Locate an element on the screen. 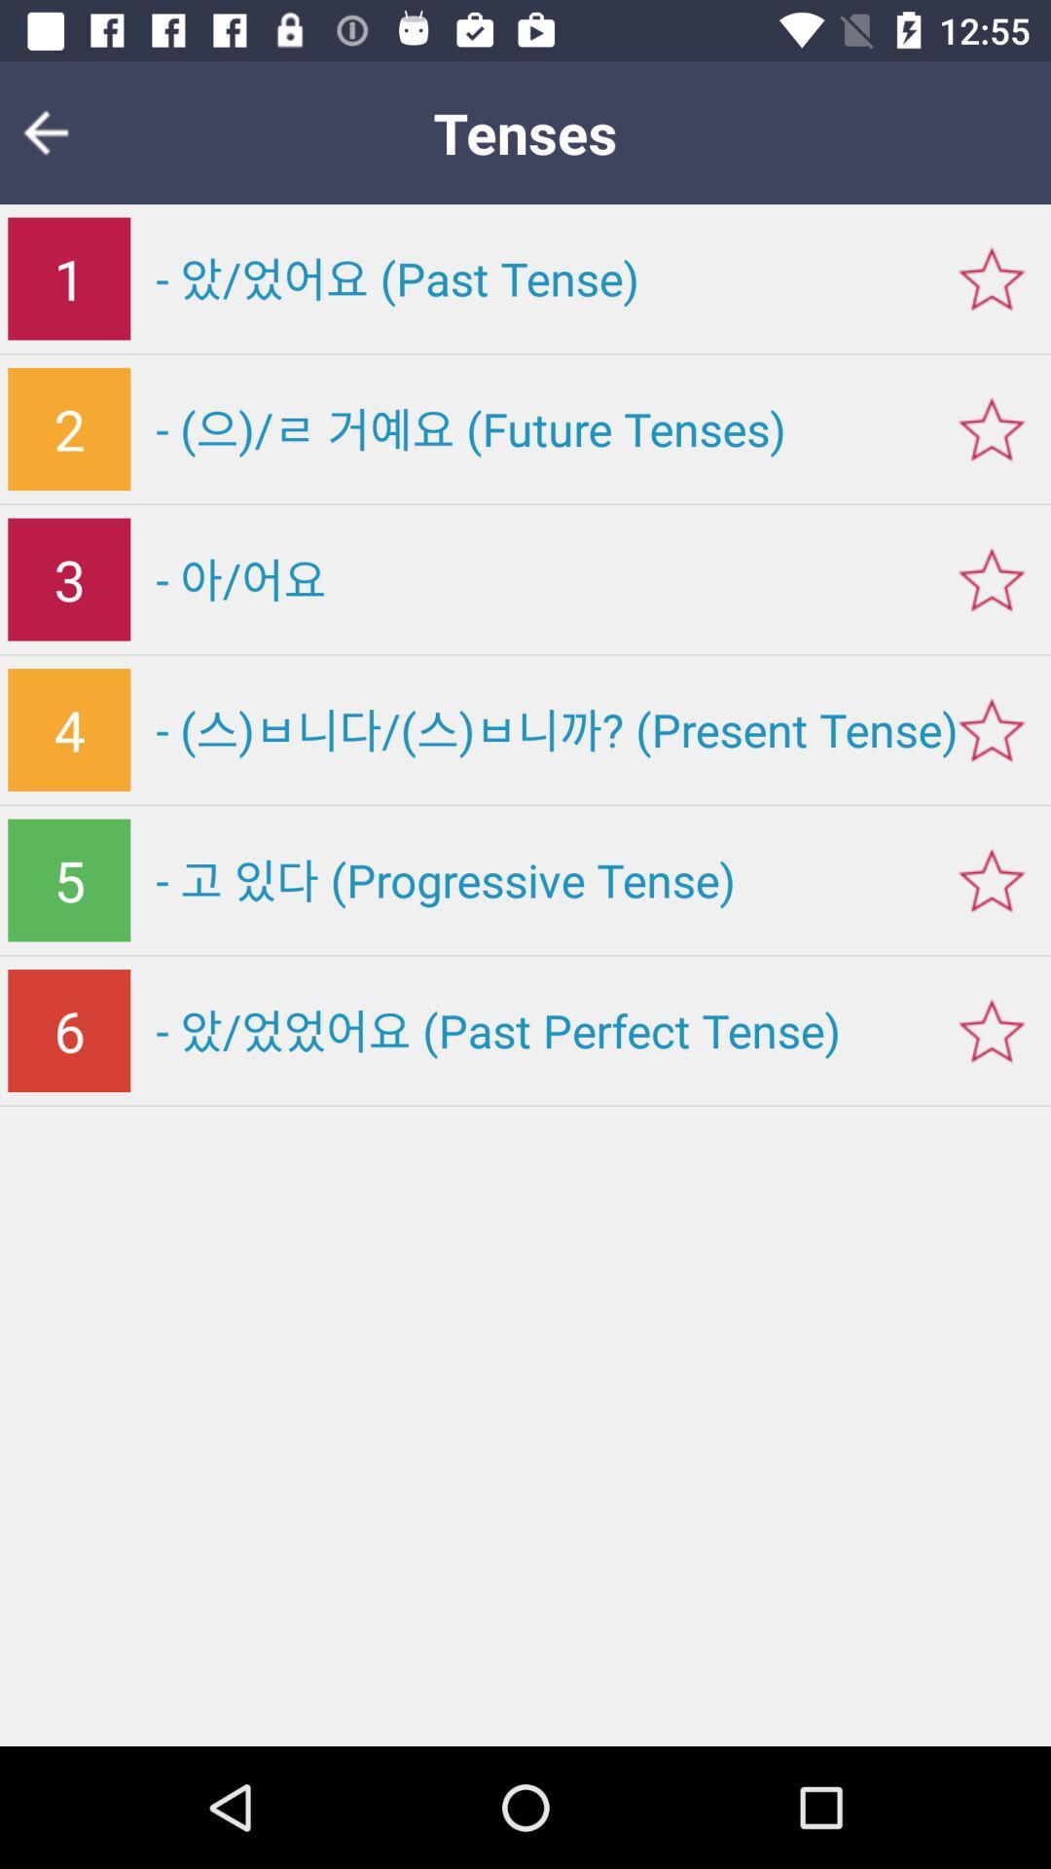  the arrow_backward icon is located at coordinates (57, 131).